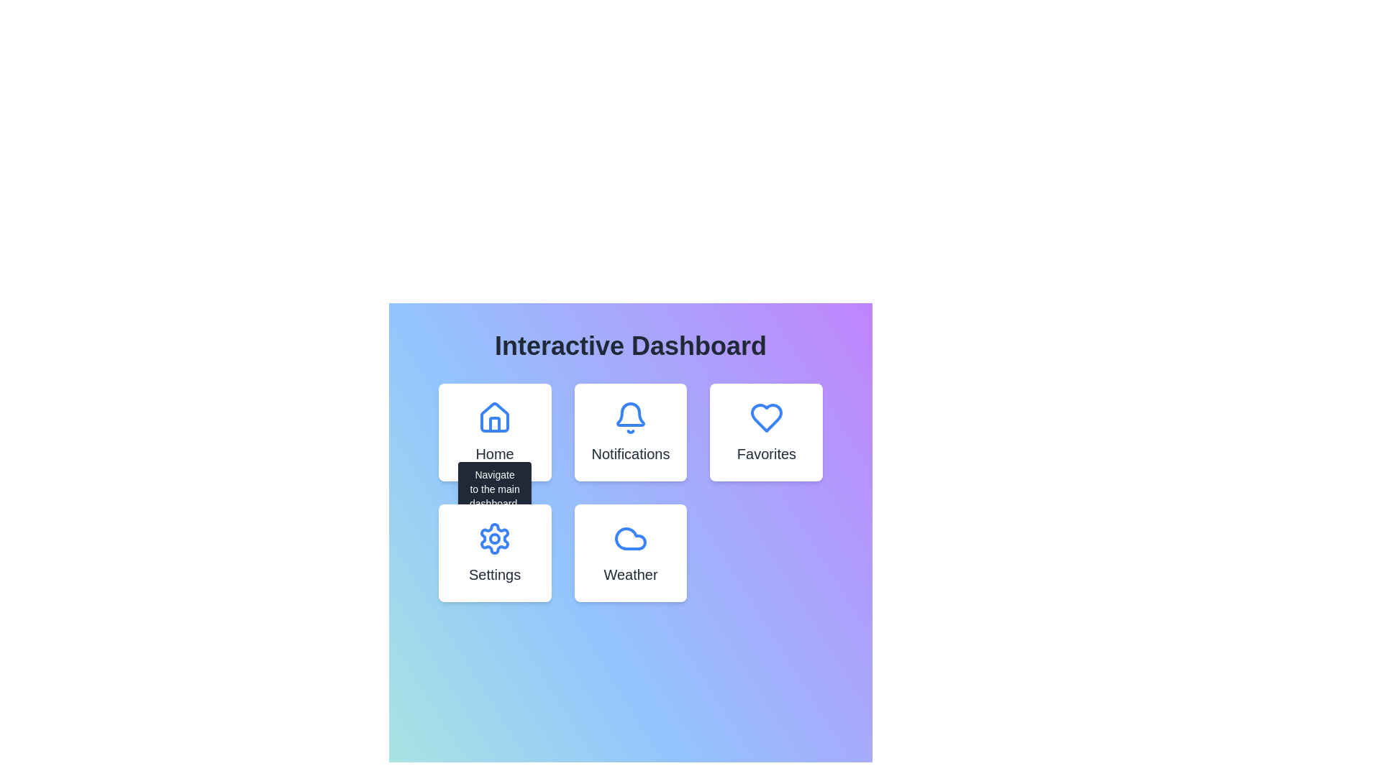 This screenshot has width=1381, height=776. What do you see at coordinates (765, 418) in the screenshot?
I see `the blue heart-shaped icon with a thick outline and hollow center located in the Favorites section` at bounding box center [765, 418].